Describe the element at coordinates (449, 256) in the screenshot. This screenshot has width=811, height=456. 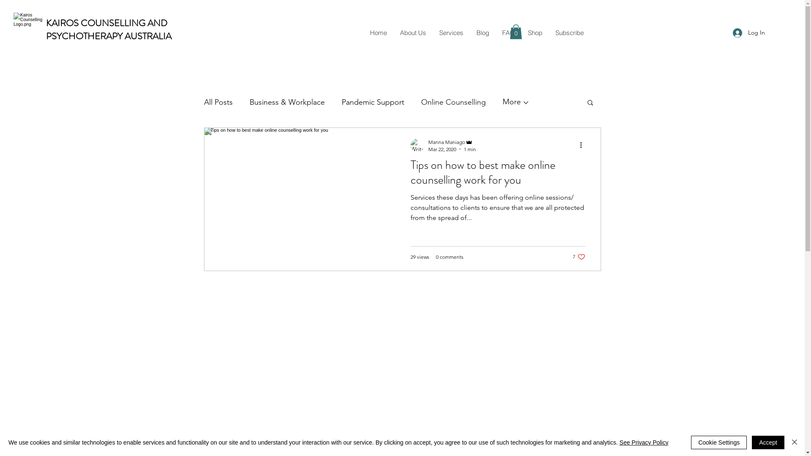
I see `'0 comments'` at that location.